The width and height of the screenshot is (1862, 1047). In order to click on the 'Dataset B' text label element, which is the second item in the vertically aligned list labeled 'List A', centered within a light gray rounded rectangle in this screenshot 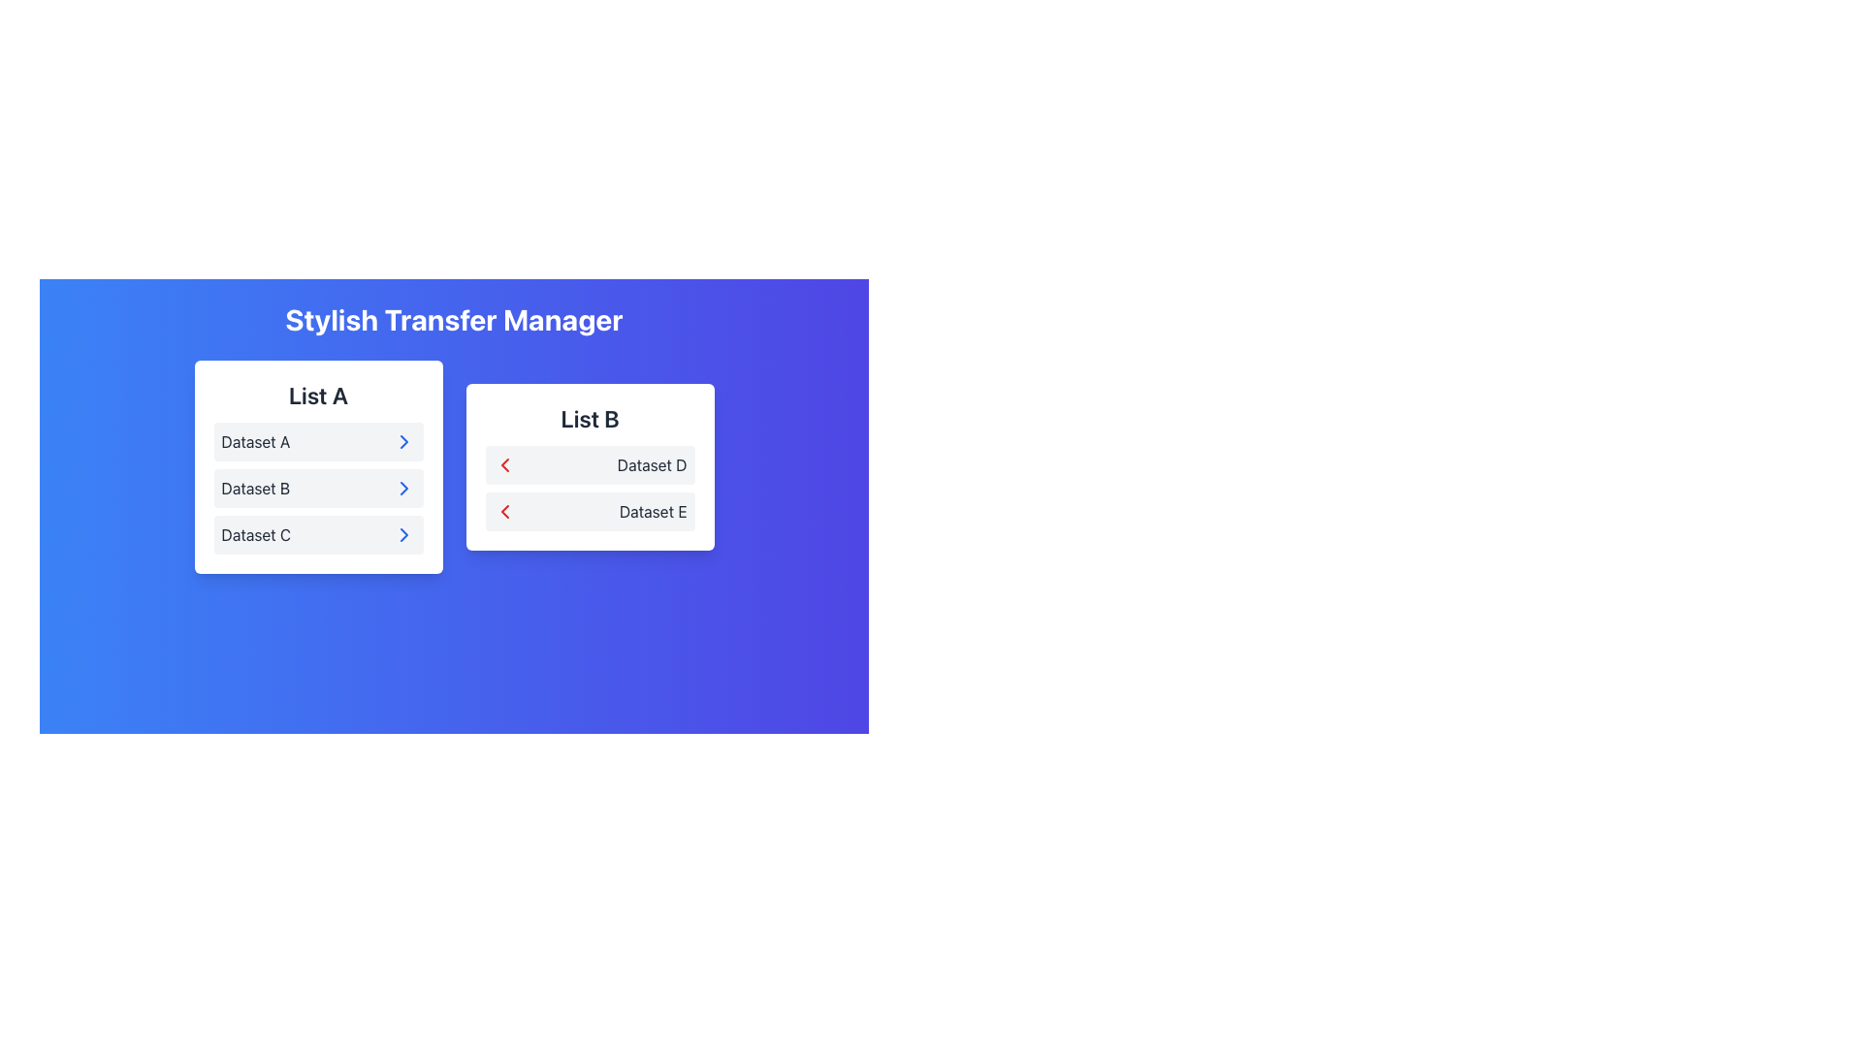, I will do `click(254, 488)`.